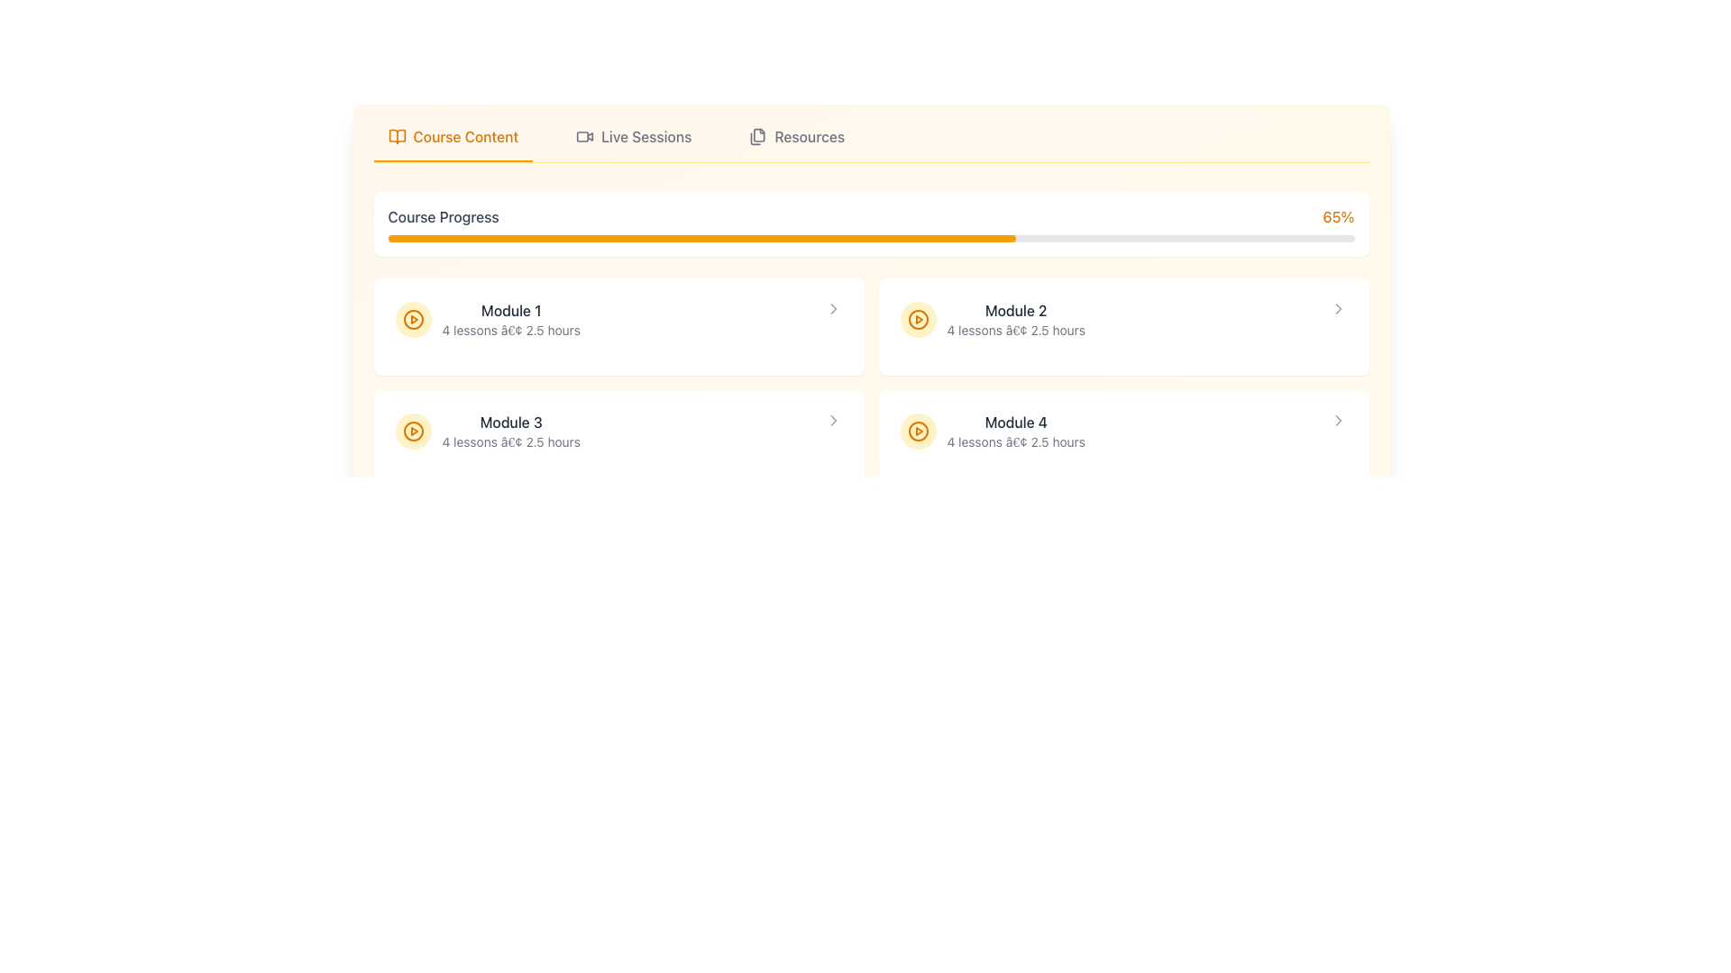  Describe the element at coordinates (1016, 431) in the screenshot. I see `the Text Information Block that provides course module details, located on the right side below the header, in the fourth row of visible modules` at that location.